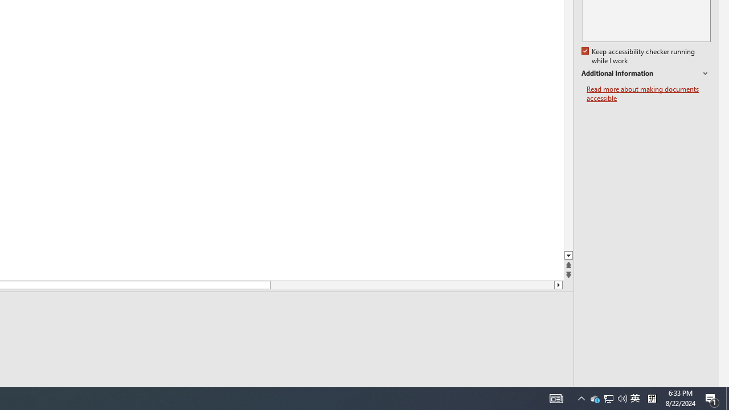 This screenshot has height=410, width=729. What do you see at coordinates (649, 93) in the screenshot?
I see `'Read more about making documents accessible'` at bounding box center [649, 93].